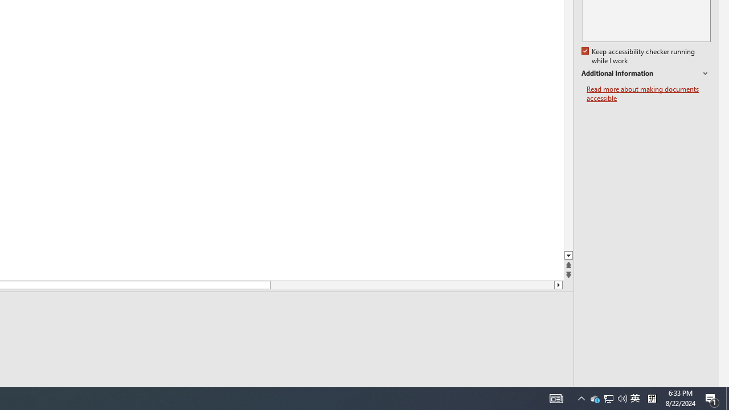 This screenshot has height=410, width=729. What do you see at coordinates (649, 93) in the screenshot?
I see `'Read more about making documents accessible'` at bounding box center [649, 93].